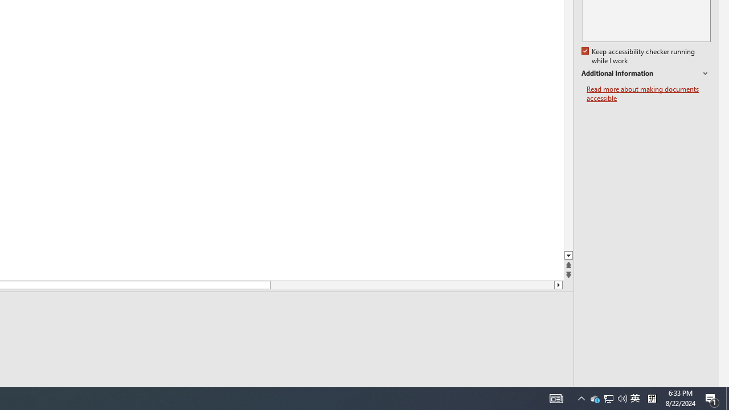 This screenshot has height=410, width=729. What do you see at coordinates (649, 93) in the screenshot?
I see `'Read more about making documents accessible'` at bounding box center [649, 93].